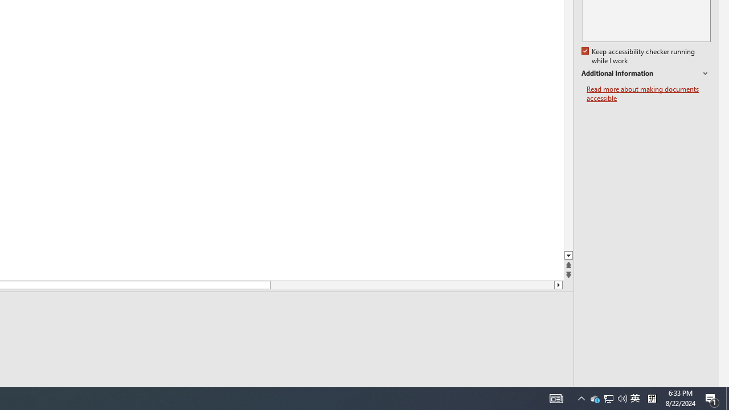 This screenshot has height=410, width=729. What do you see at coordinates (649, 93) in the screenshot?
I see `'Read more about making documents accessible'` at bounding box center [649, 93].